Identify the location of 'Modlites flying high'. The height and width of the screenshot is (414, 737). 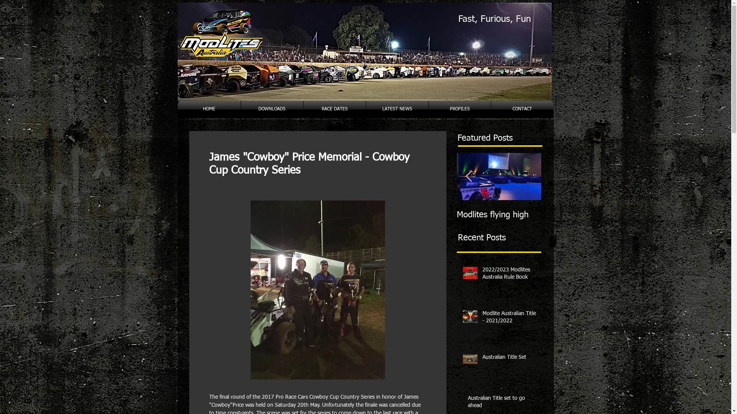
(499, 215).